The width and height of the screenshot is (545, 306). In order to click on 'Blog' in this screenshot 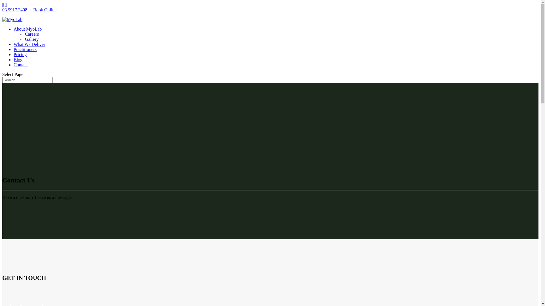, I will do `click(18, 59)`.